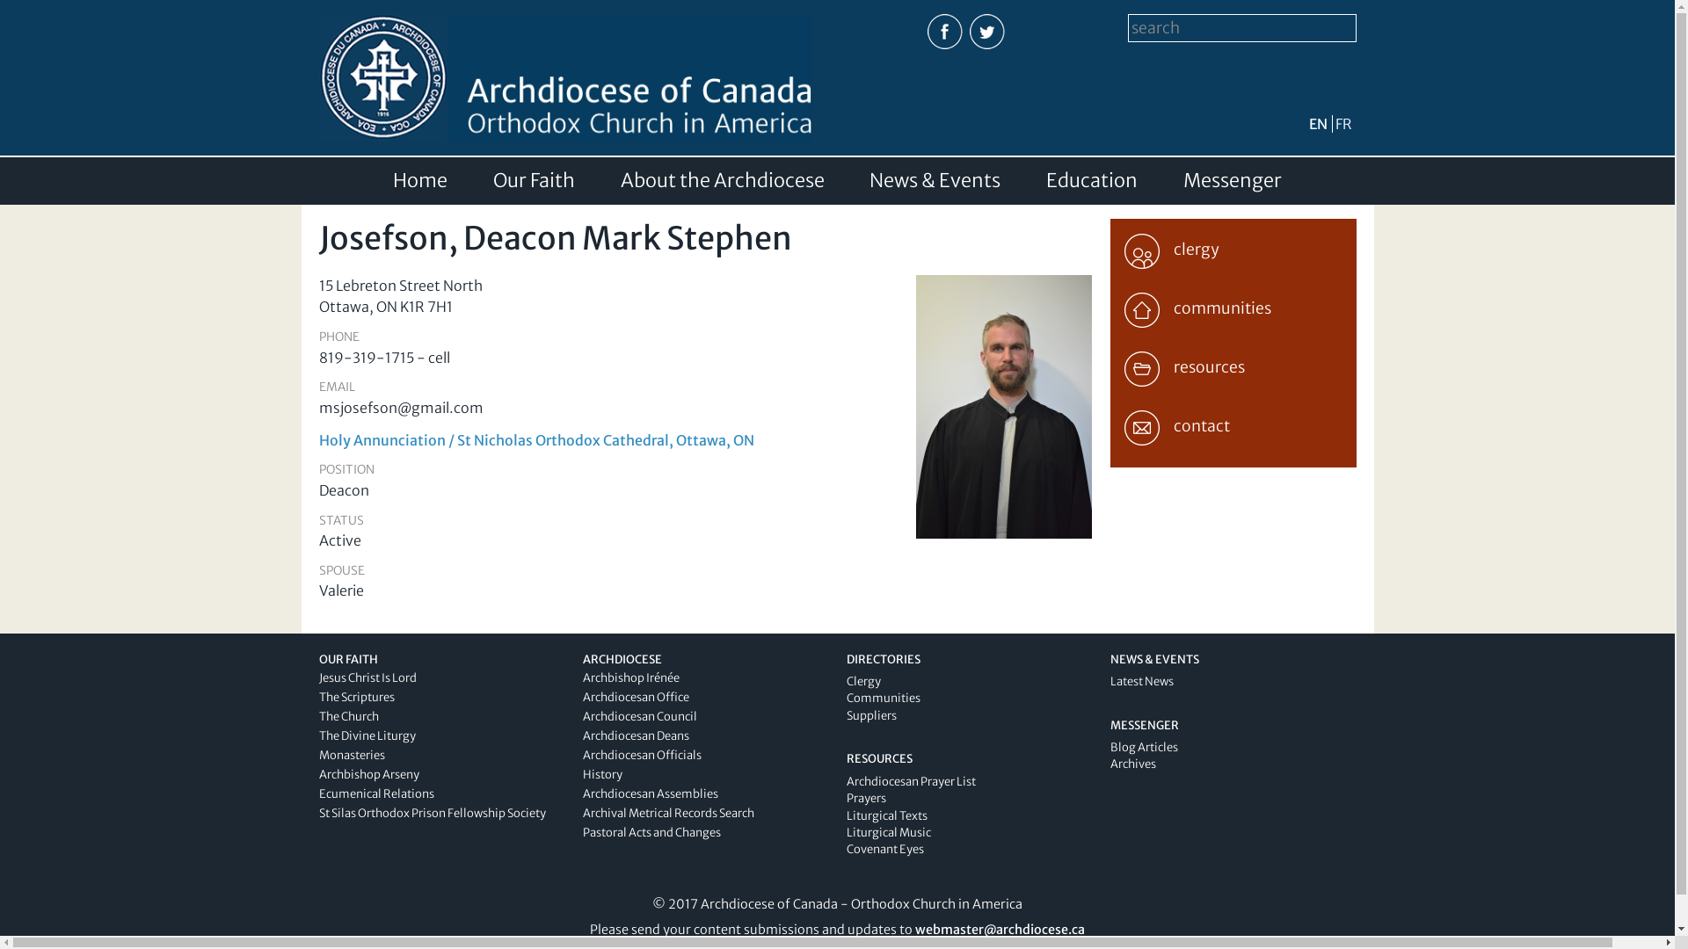 This screenshot has height=949, width=1688. I want to click on 'About the Archdiocese', so click(722, 180).